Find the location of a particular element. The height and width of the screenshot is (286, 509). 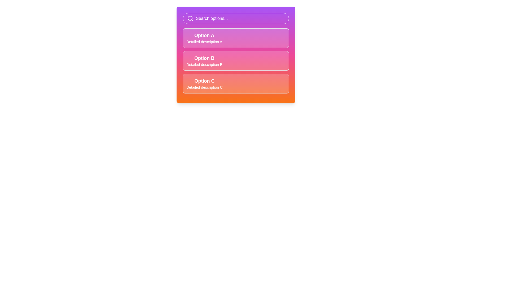

the Text label that serves as the title of the card labeled 'Option A', which is the first card in the list of selectable options is located at coordinates (204, 35).